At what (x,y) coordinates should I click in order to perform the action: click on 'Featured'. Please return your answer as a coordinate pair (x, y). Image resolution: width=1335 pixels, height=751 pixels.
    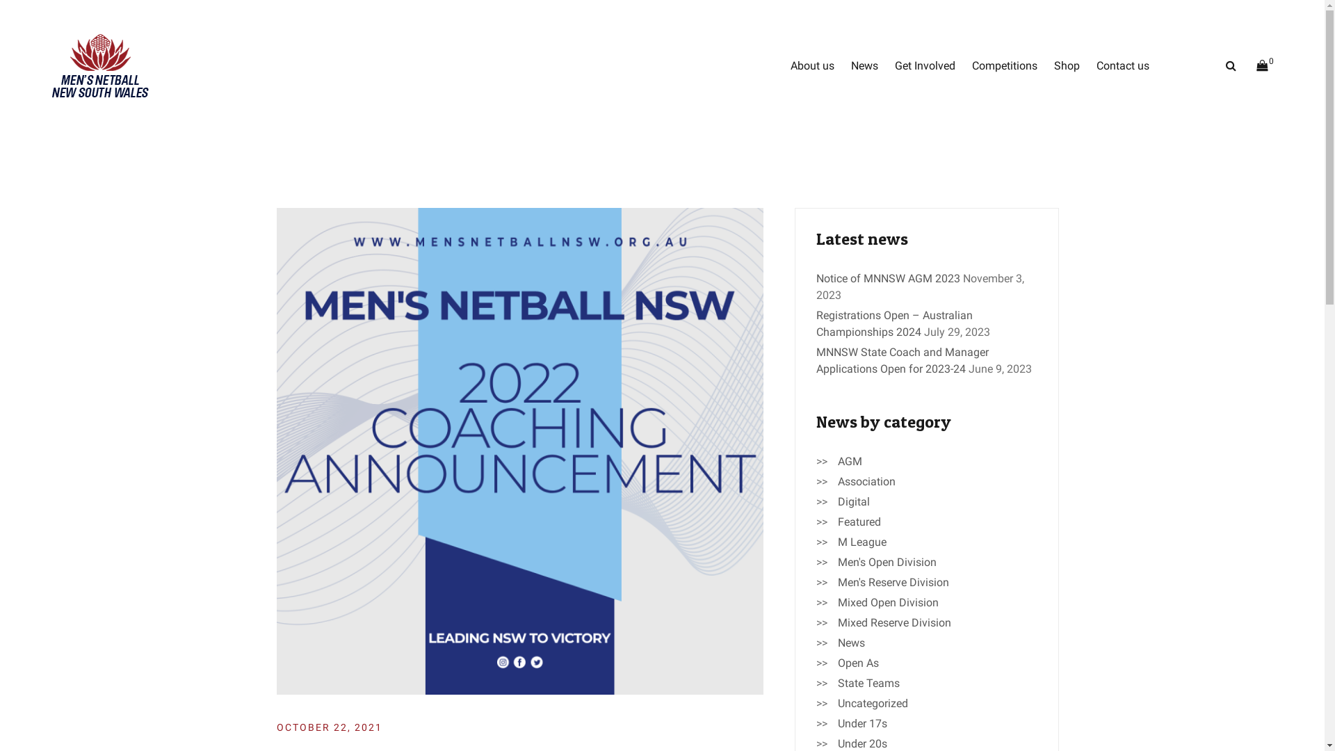
    Looking at the image, I should click on (857, 522).